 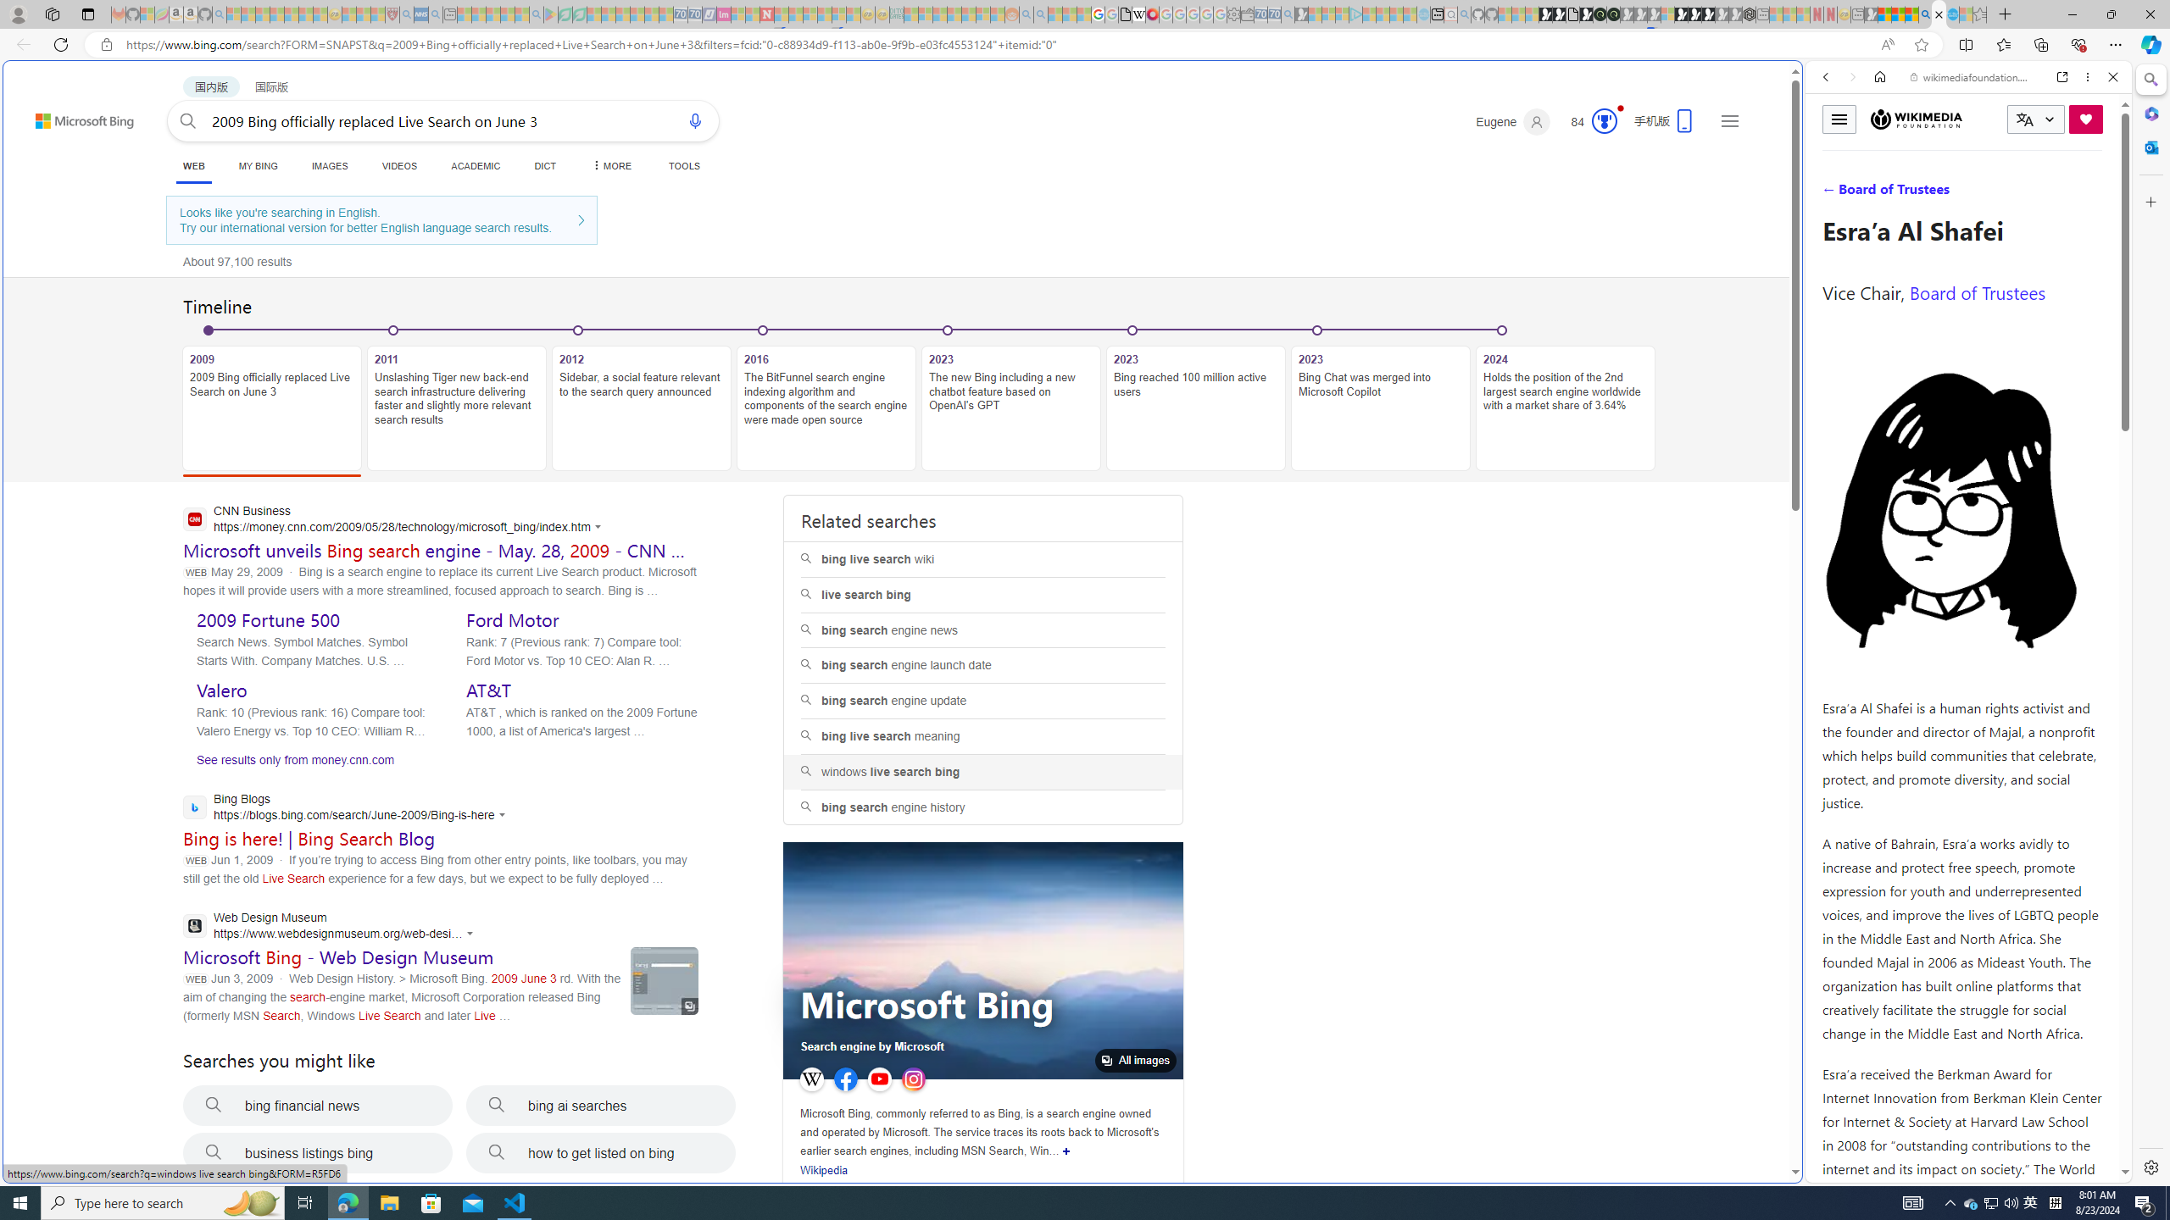 What do you see at coordinates (1299, 14) in the screenshot?
I see `'Microsoft Start Gaming - Sleeping'` at bounding box center [1299, 14].